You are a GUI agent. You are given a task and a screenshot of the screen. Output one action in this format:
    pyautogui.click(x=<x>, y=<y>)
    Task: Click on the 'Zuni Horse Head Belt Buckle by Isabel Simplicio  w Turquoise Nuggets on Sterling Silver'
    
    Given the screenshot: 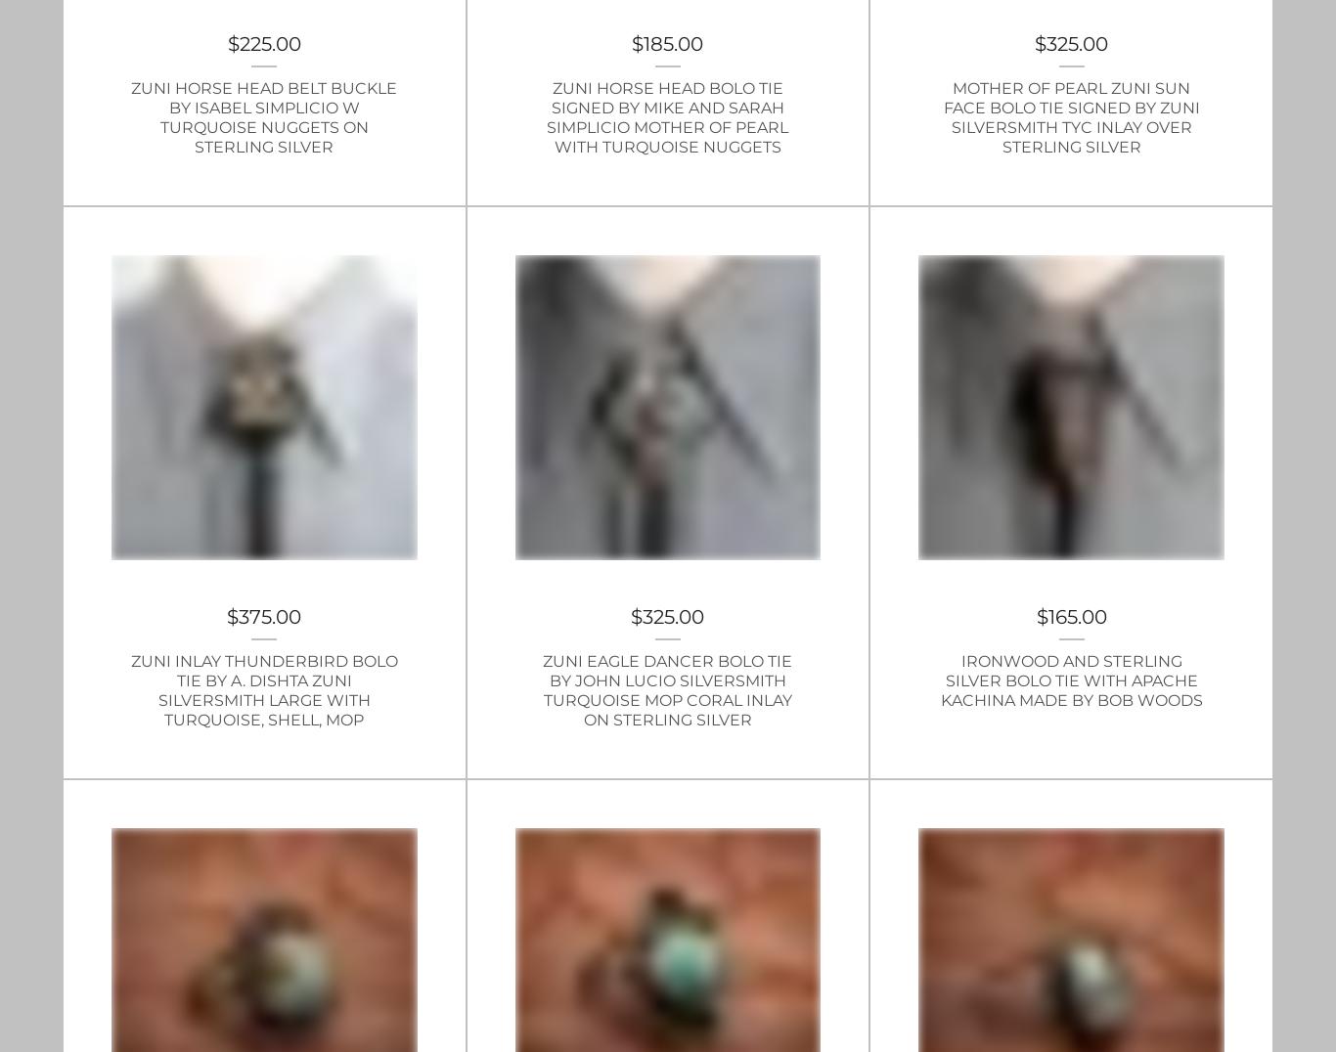 What is the action you would take?
    pyautogui.click(x=130, y=115)
    